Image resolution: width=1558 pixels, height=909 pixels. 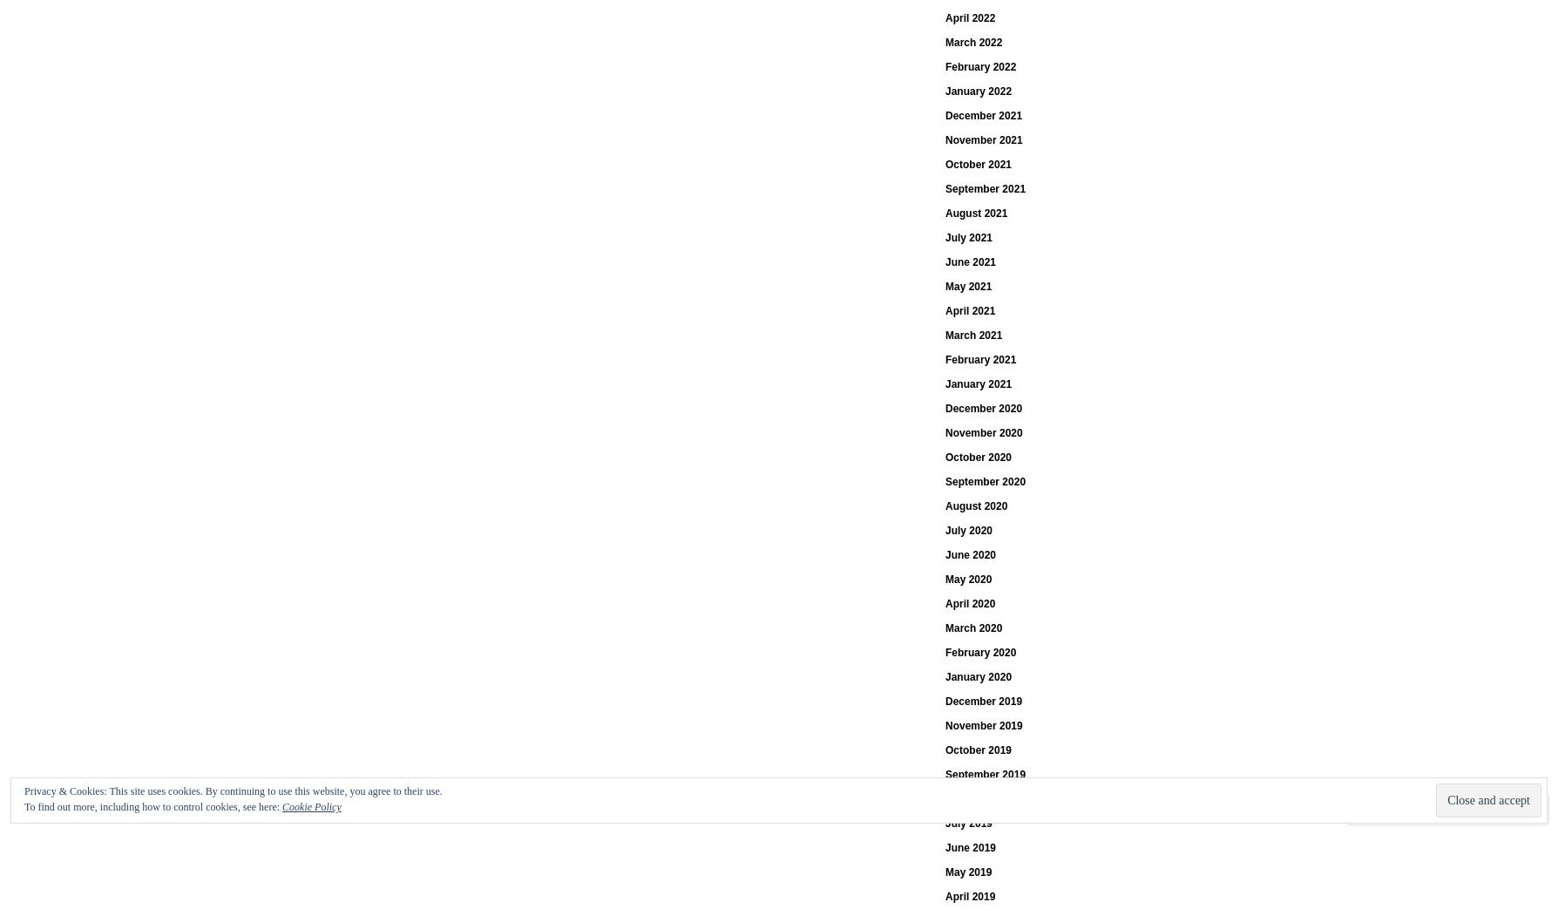 I want to click on 'April 2022', so click(x=970, y=17).